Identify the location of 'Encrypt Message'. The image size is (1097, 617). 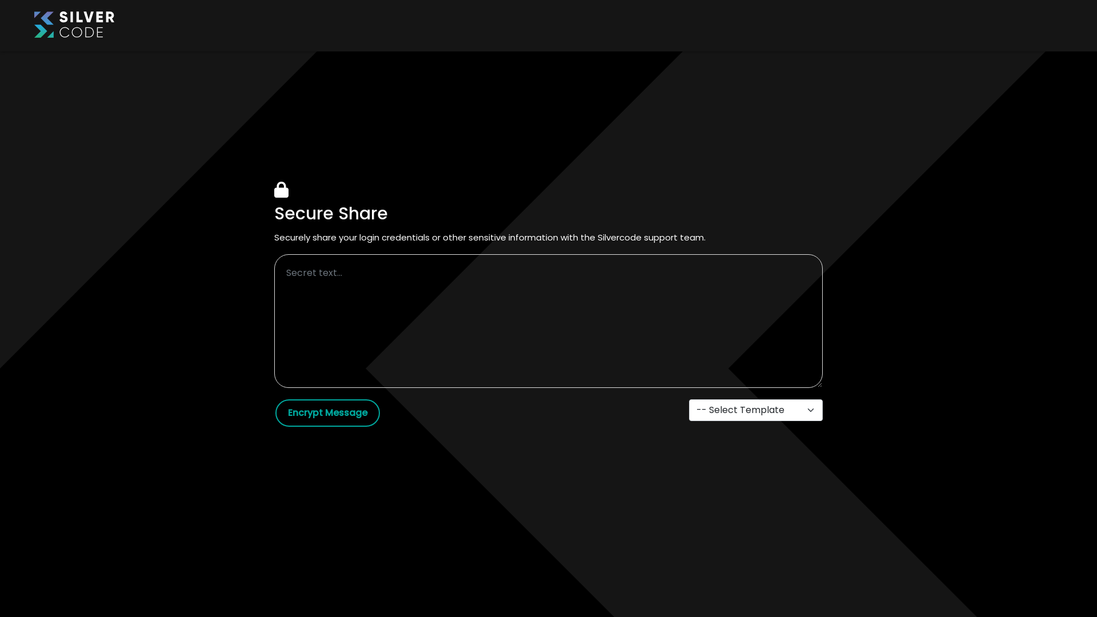
(275, 412).